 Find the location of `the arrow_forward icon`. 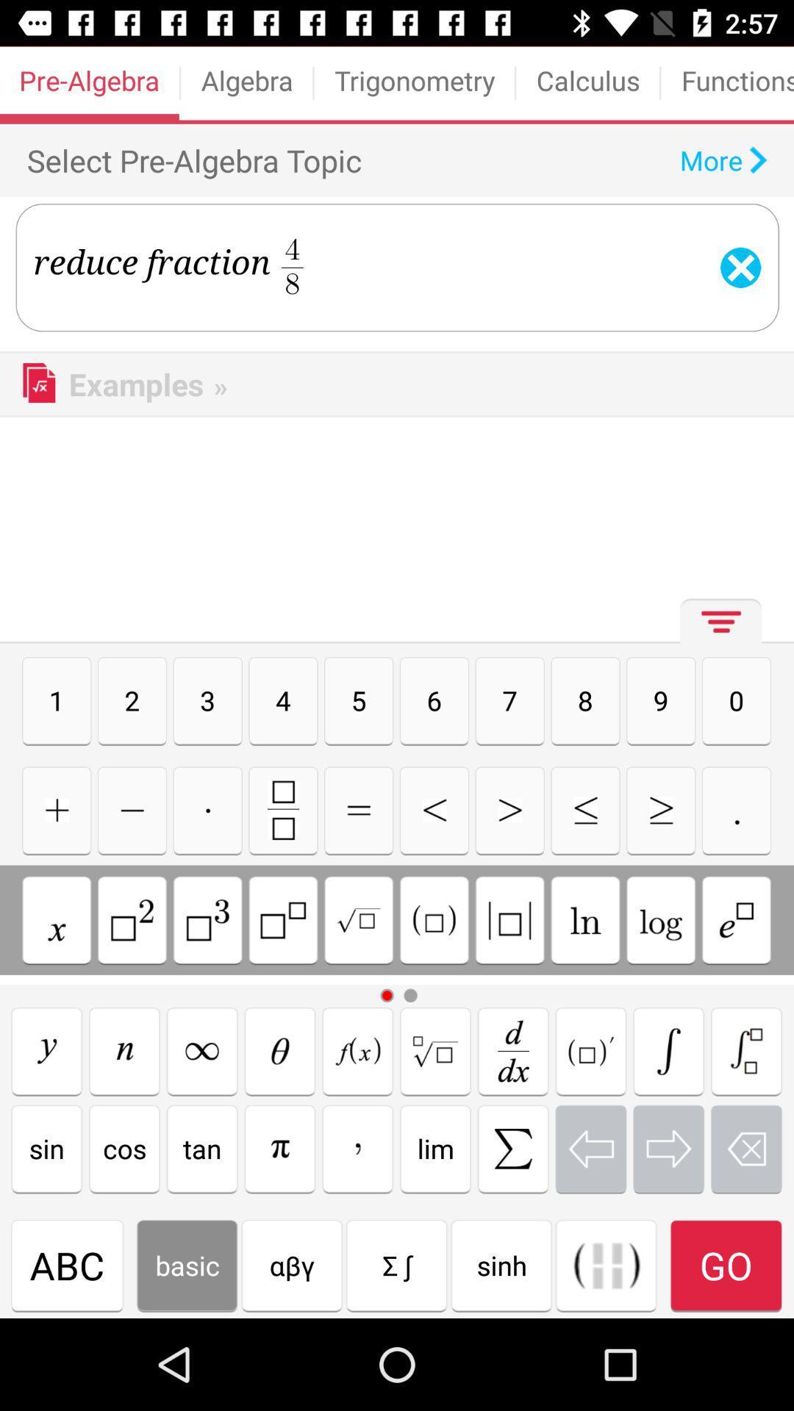

the arrow_forward icon is located at coordinates (509, 809).